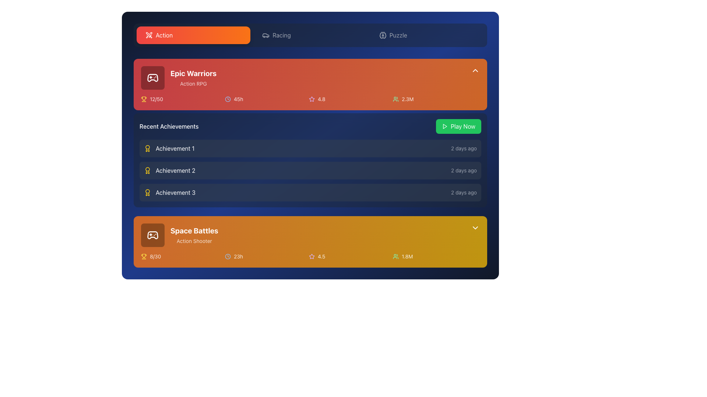  I want to click on the decorative yellow circle in the SVG icon, which is part of the award design located to the left of the '12/50' text under the 'Epic Warriors' section, so click(147, 169).